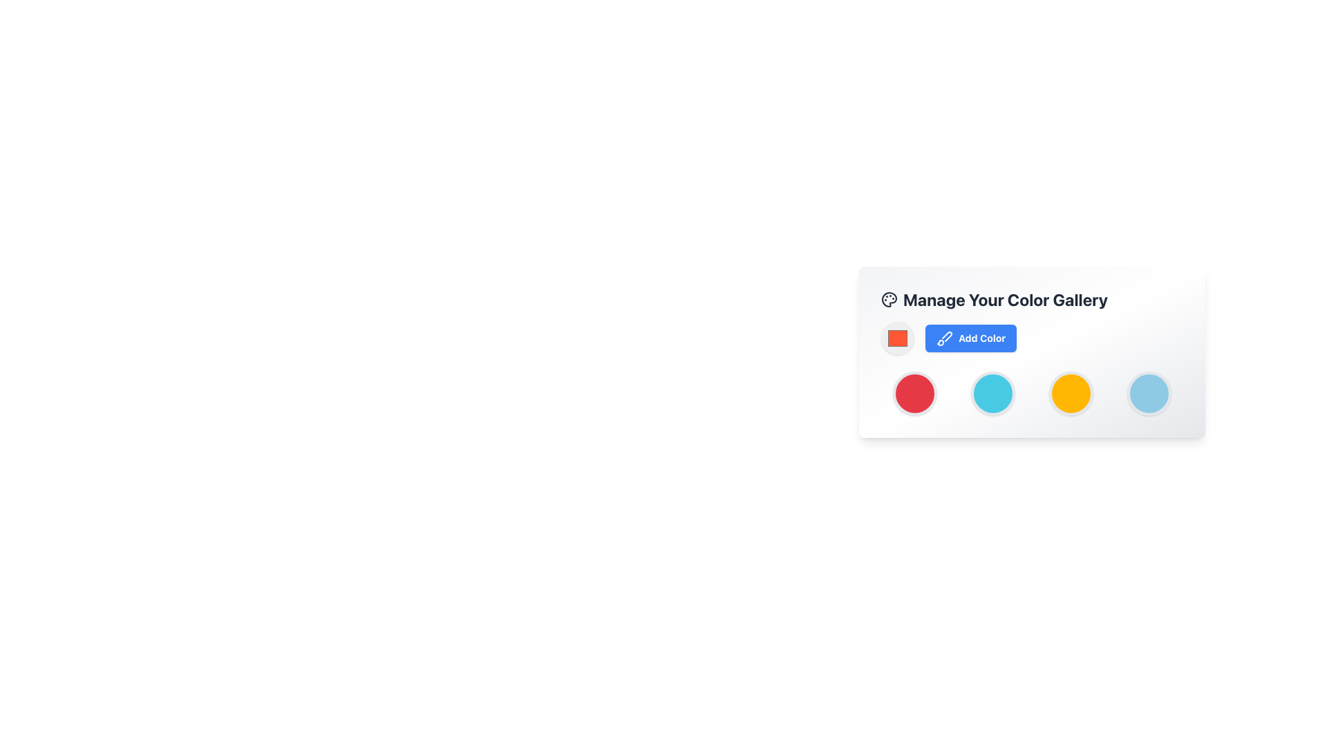  What do you see at coordinates (889, 299) in the screenshot?
I see `the Graphical Icon (SVG) resembling a palette with color slots located in the top-left corner of the 'Manage Your Color Gallery' card` at bounding box center [889, 299].